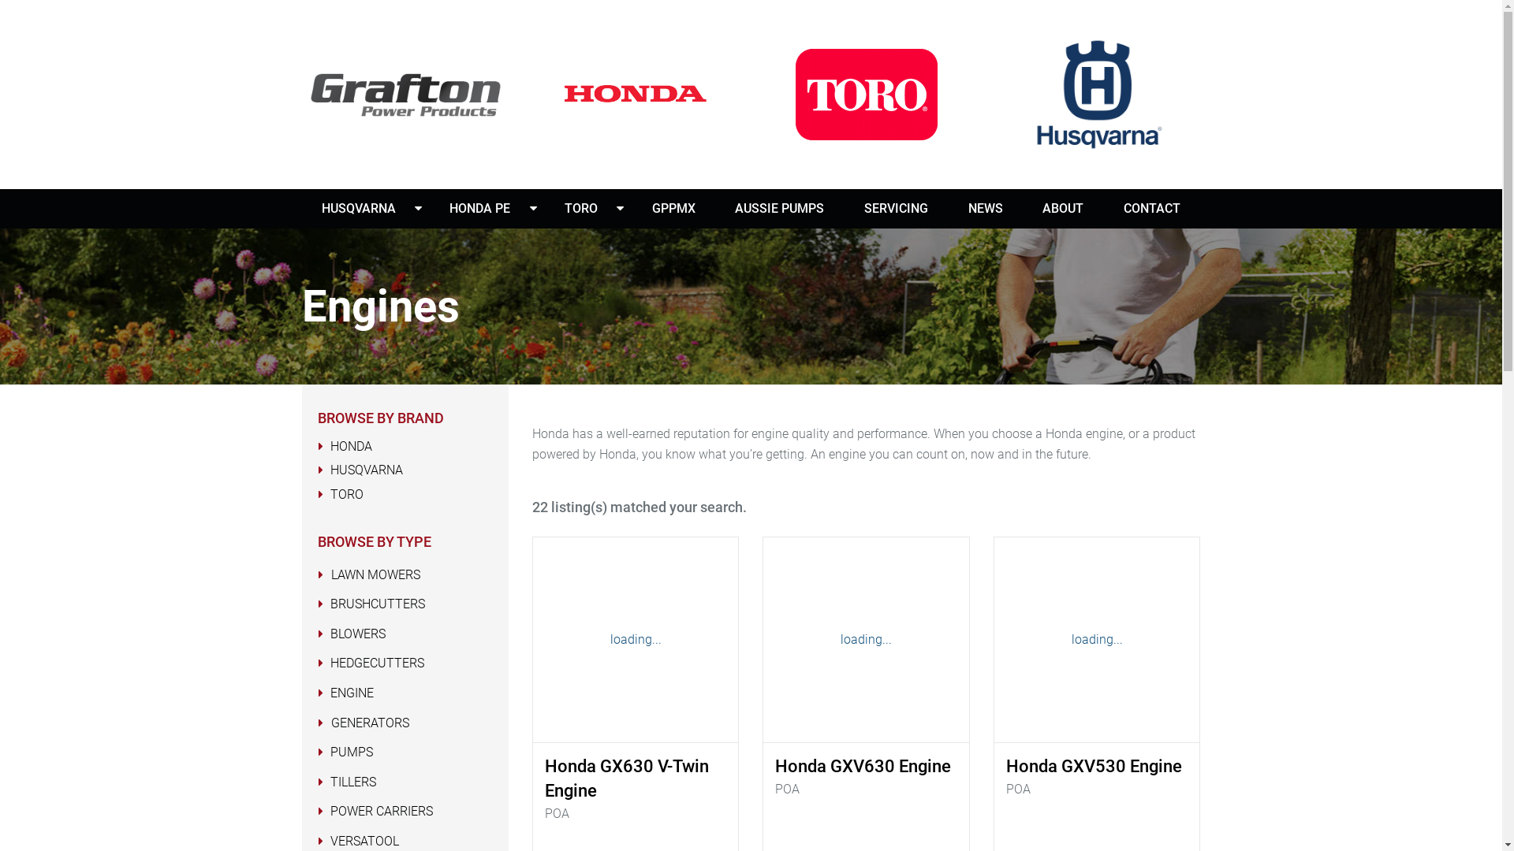  What do you see at coordinates (855, 208) in the screenshot?
I see `'SERVICING'` at bounding box center [855, 208].